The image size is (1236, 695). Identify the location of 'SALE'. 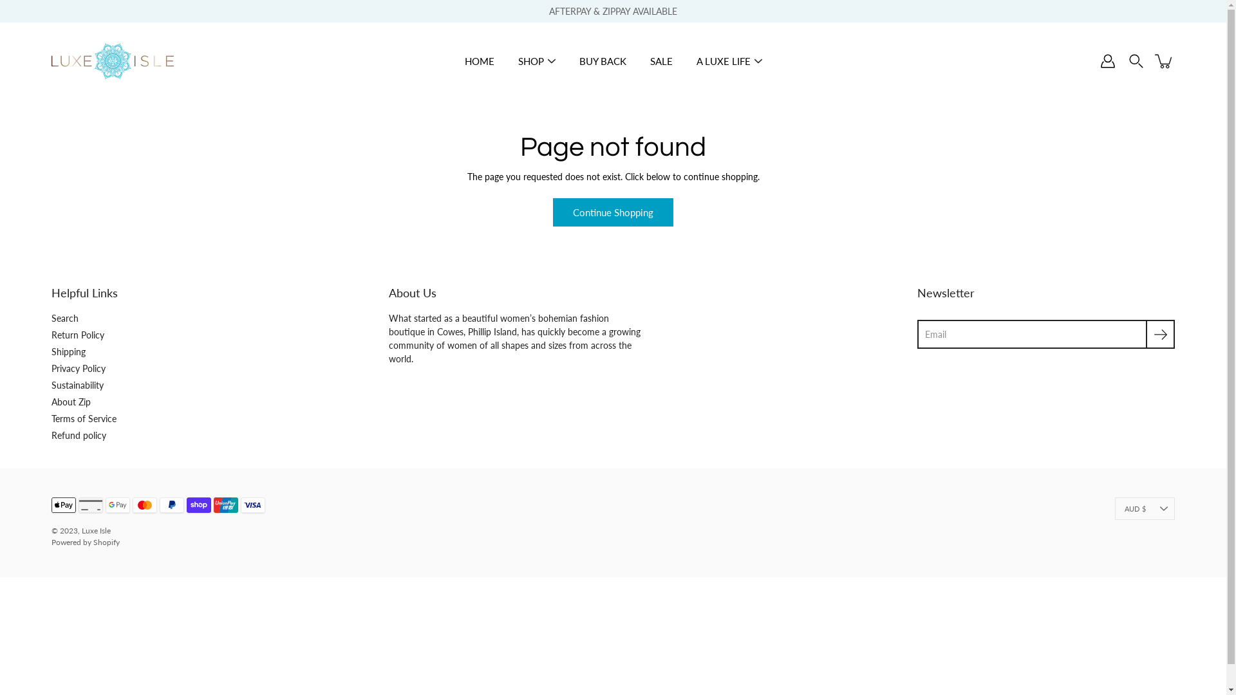
(661, 61).